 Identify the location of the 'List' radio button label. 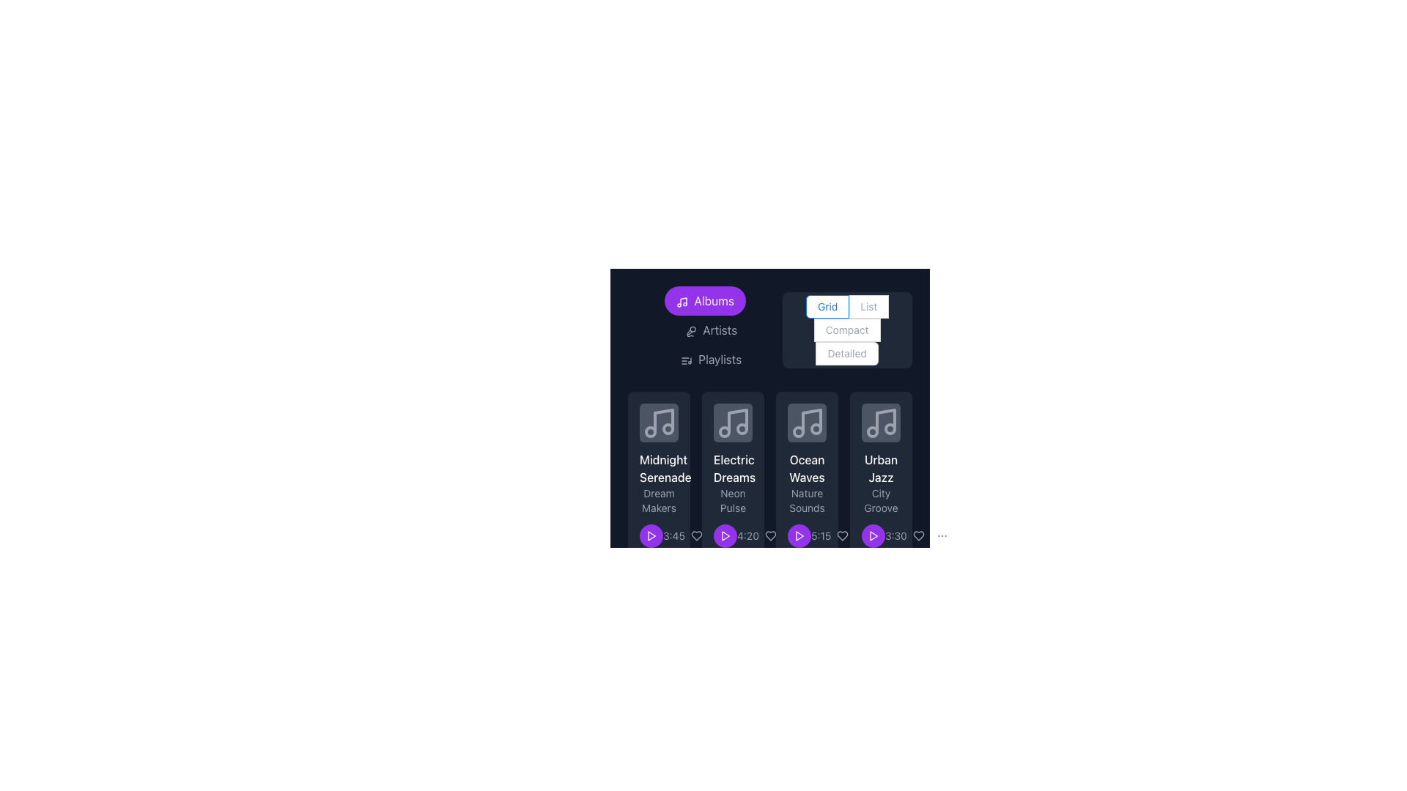
(868, 305).